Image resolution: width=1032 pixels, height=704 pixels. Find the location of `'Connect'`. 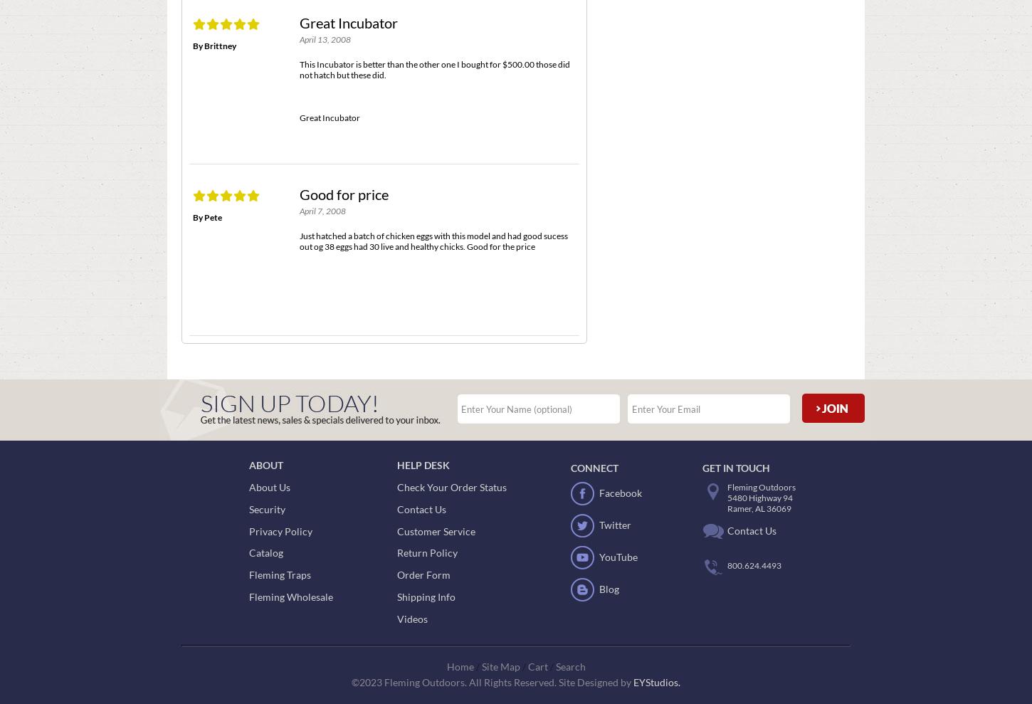

'Connect' is located at coordinates (594, 468).